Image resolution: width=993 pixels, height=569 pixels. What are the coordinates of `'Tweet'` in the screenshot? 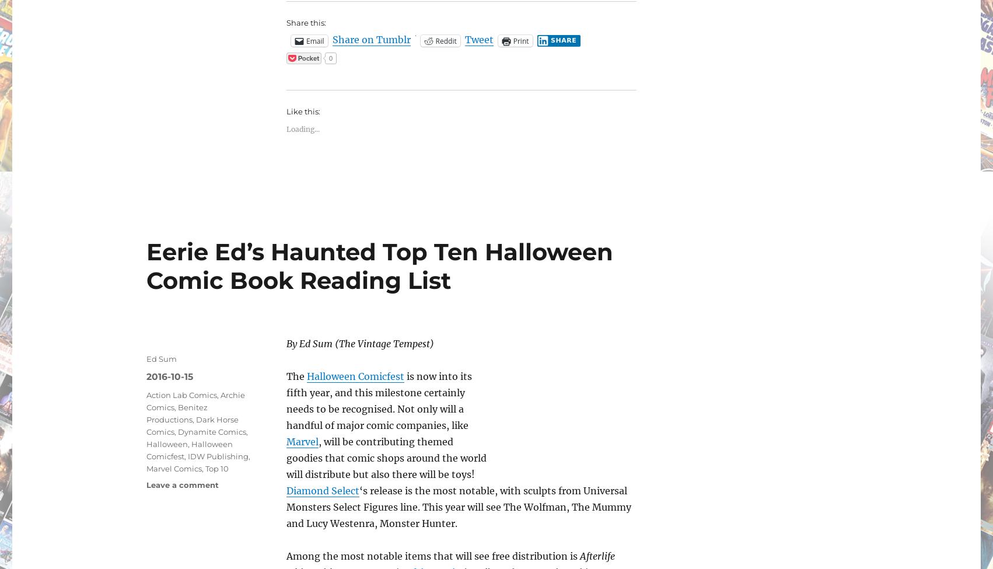 It's located at (478, 39).